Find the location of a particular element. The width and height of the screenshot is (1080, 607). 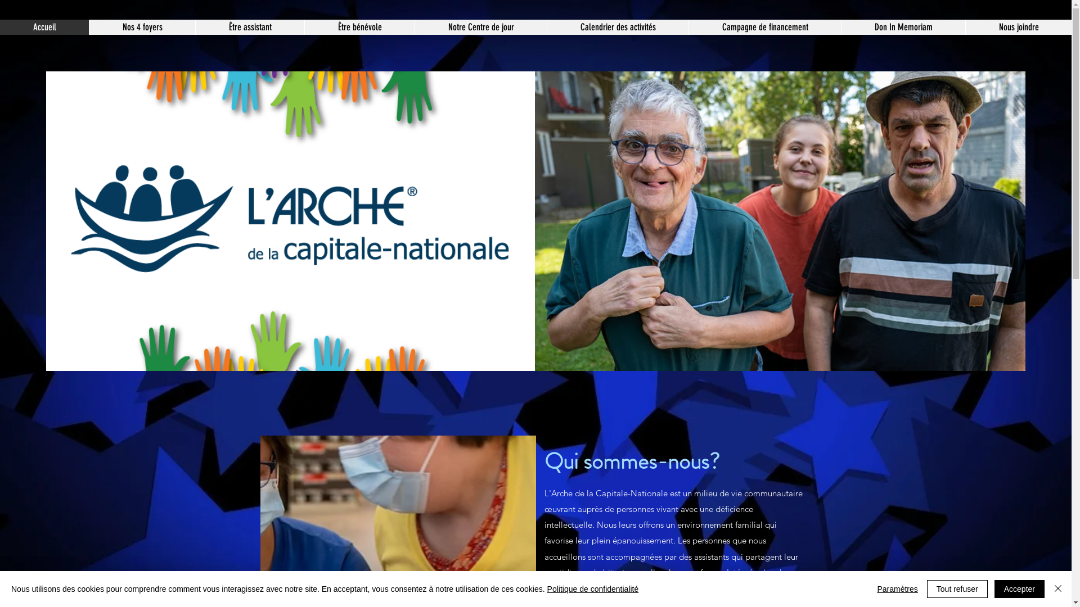

'Notre Centre de jour' is located at coordinates (414, 26).